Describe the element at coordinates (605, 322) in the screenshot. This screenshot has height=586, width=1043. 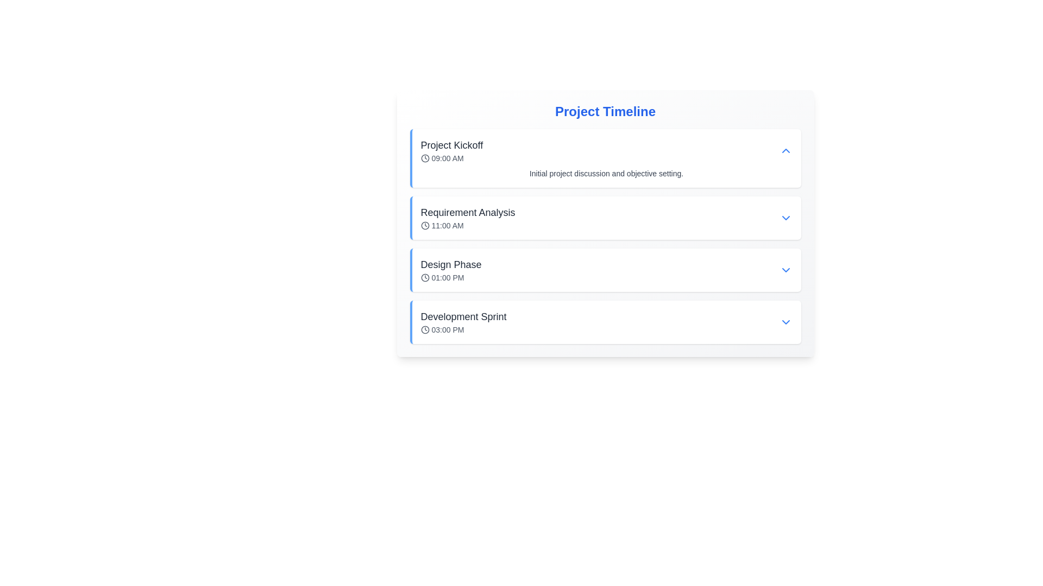
I see `the 'Development Sprint' collapsible list item` at that location.